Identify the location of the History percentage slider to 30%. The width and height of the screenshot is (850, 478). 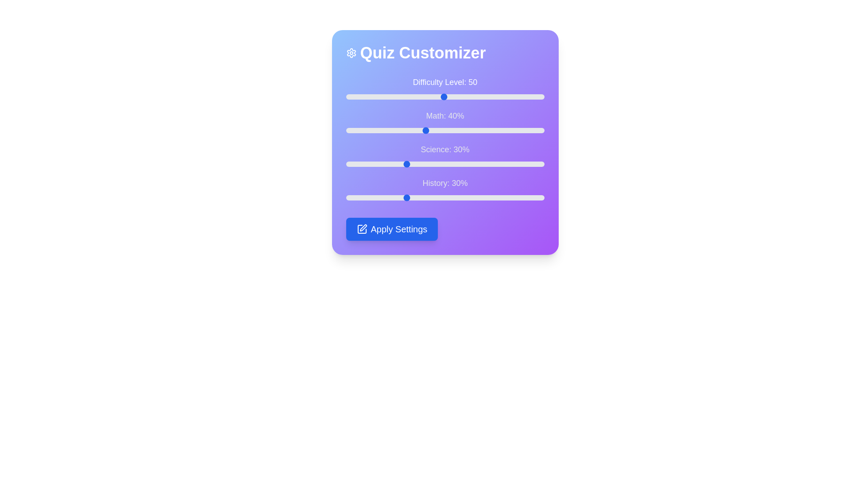
(405, 197).